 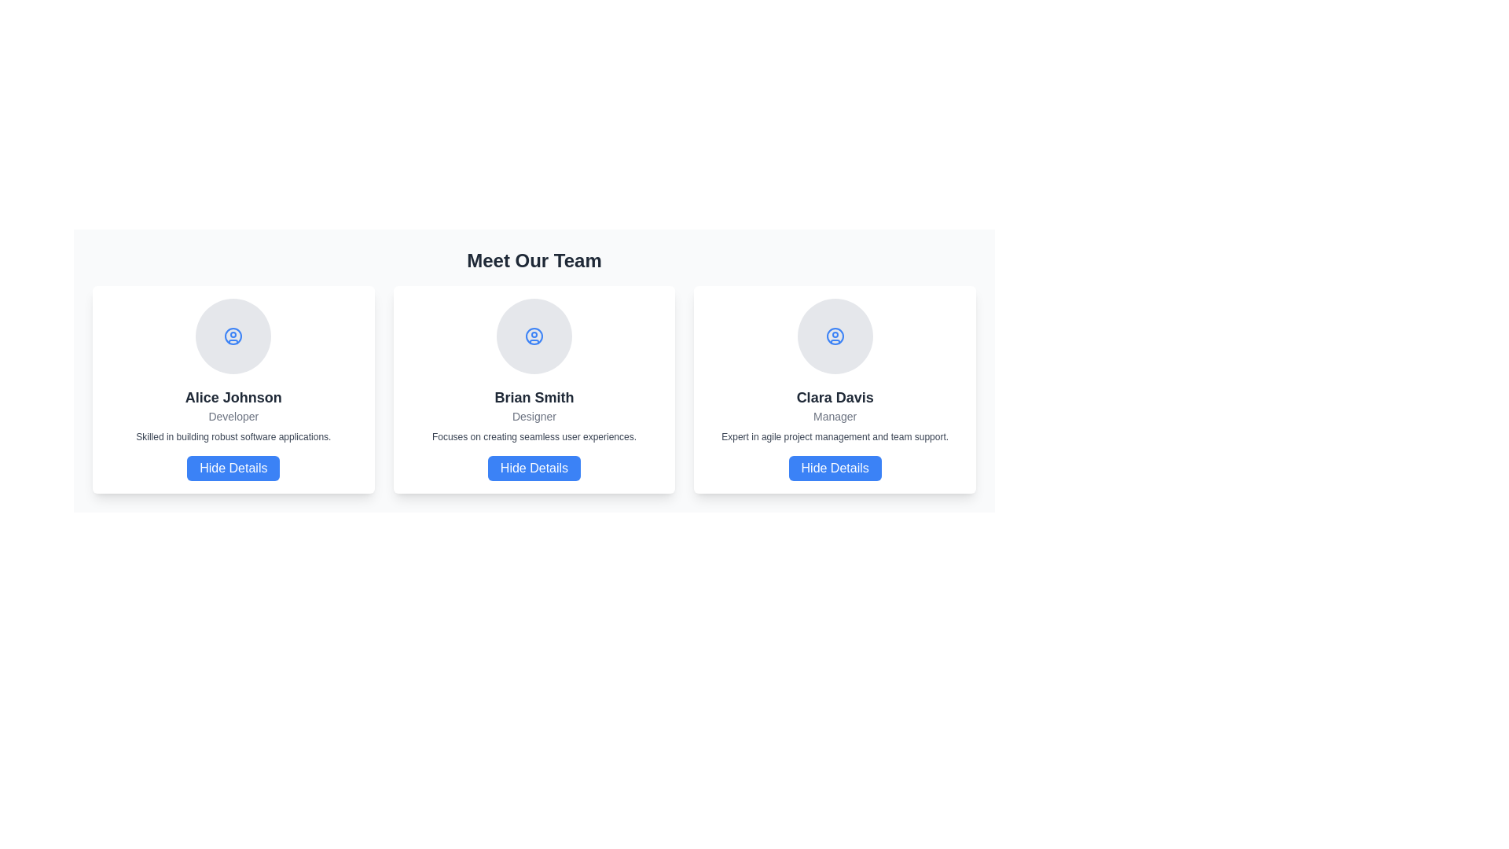 I want to click on the text label indicating the role 'Developer' located beneath 'Alice Johnson' and above the description text, so click(x=233, y=415).